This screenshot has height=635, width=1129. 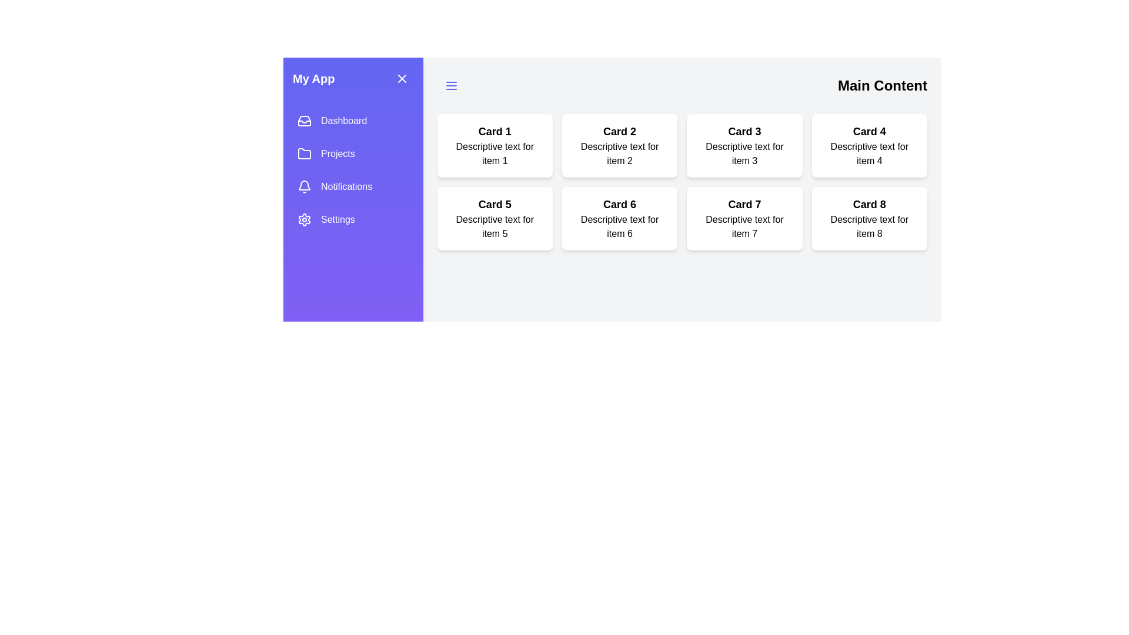 I want to click on the sidebar header to inspect its content, so click(x=352, y=79).